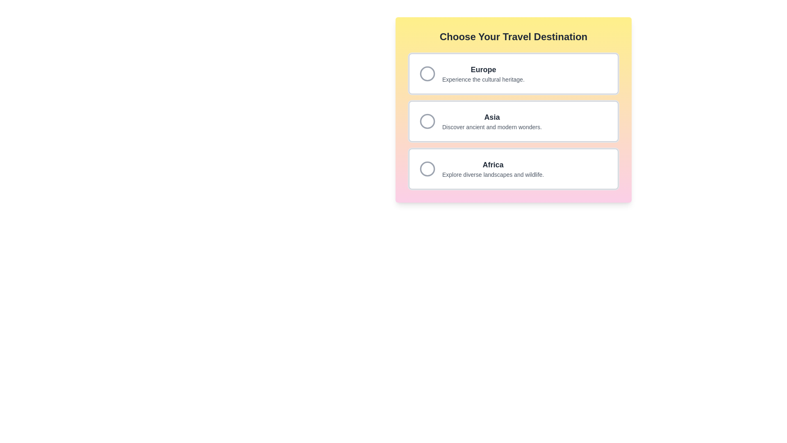 The height and width of the screenshot is (443, 787). Describe the element at coordinates (483, 79) in the screenshot. I see `the descriptive text that provides information about the 'Europe' travel destination option, located under the bold heading 'Europe' in the first selection box` at that location.